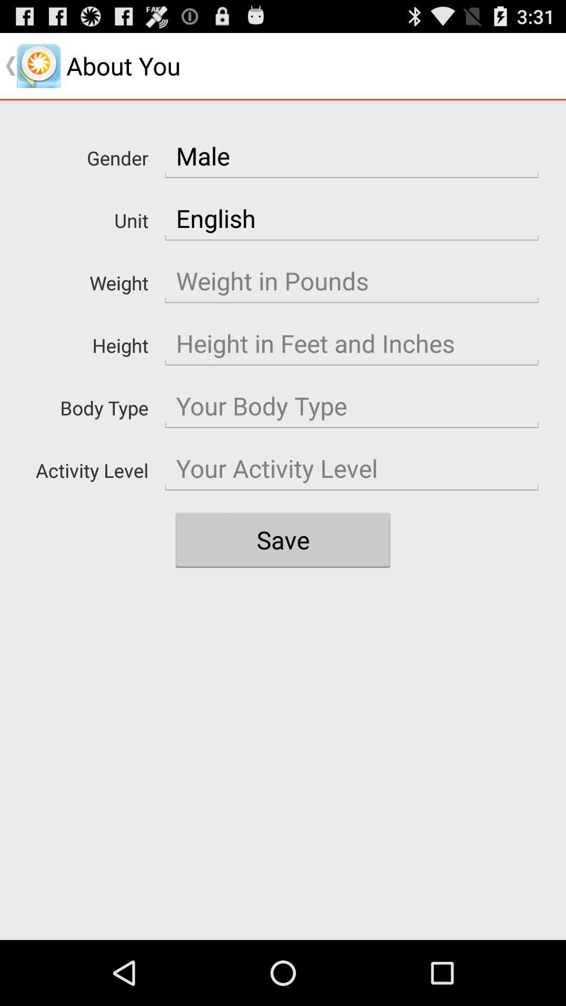 This screenshot has height=1006, width=566. Describe the element at coordinates (352, 344) in the screenshot. I see `height` at that location.